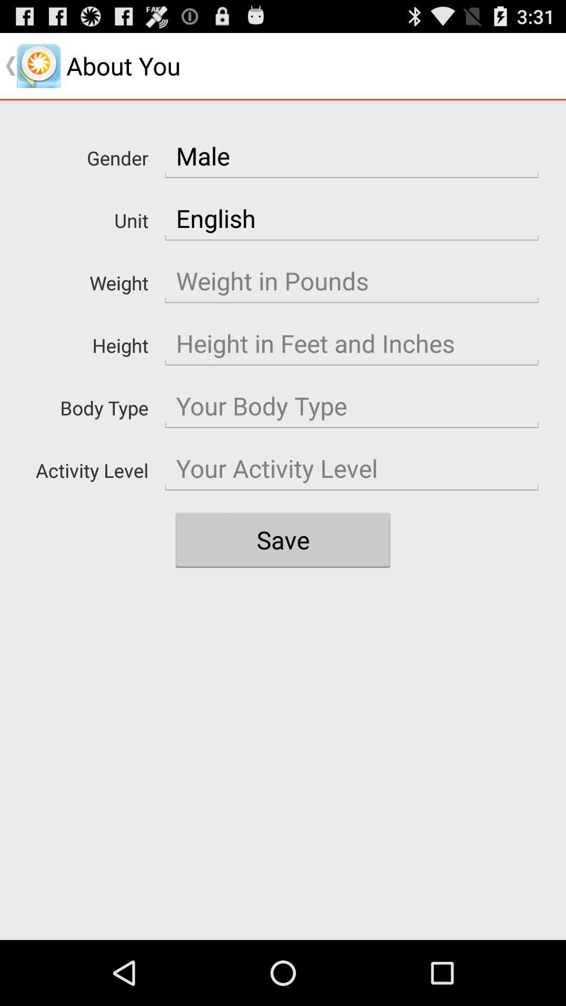 This screenshot has height=1006, width=566. Describe the element at coordinates (352, 344) in the screenshot. I see `height` at that location.